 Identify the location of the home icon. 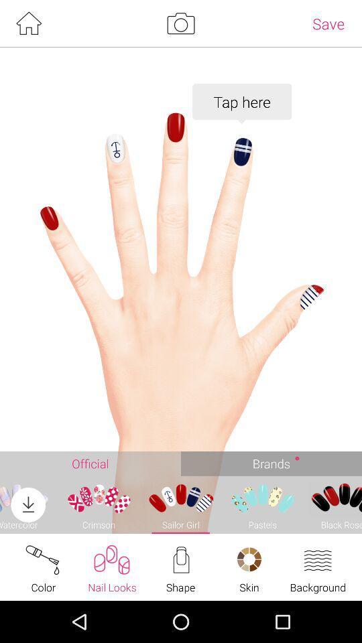
(28, 24).